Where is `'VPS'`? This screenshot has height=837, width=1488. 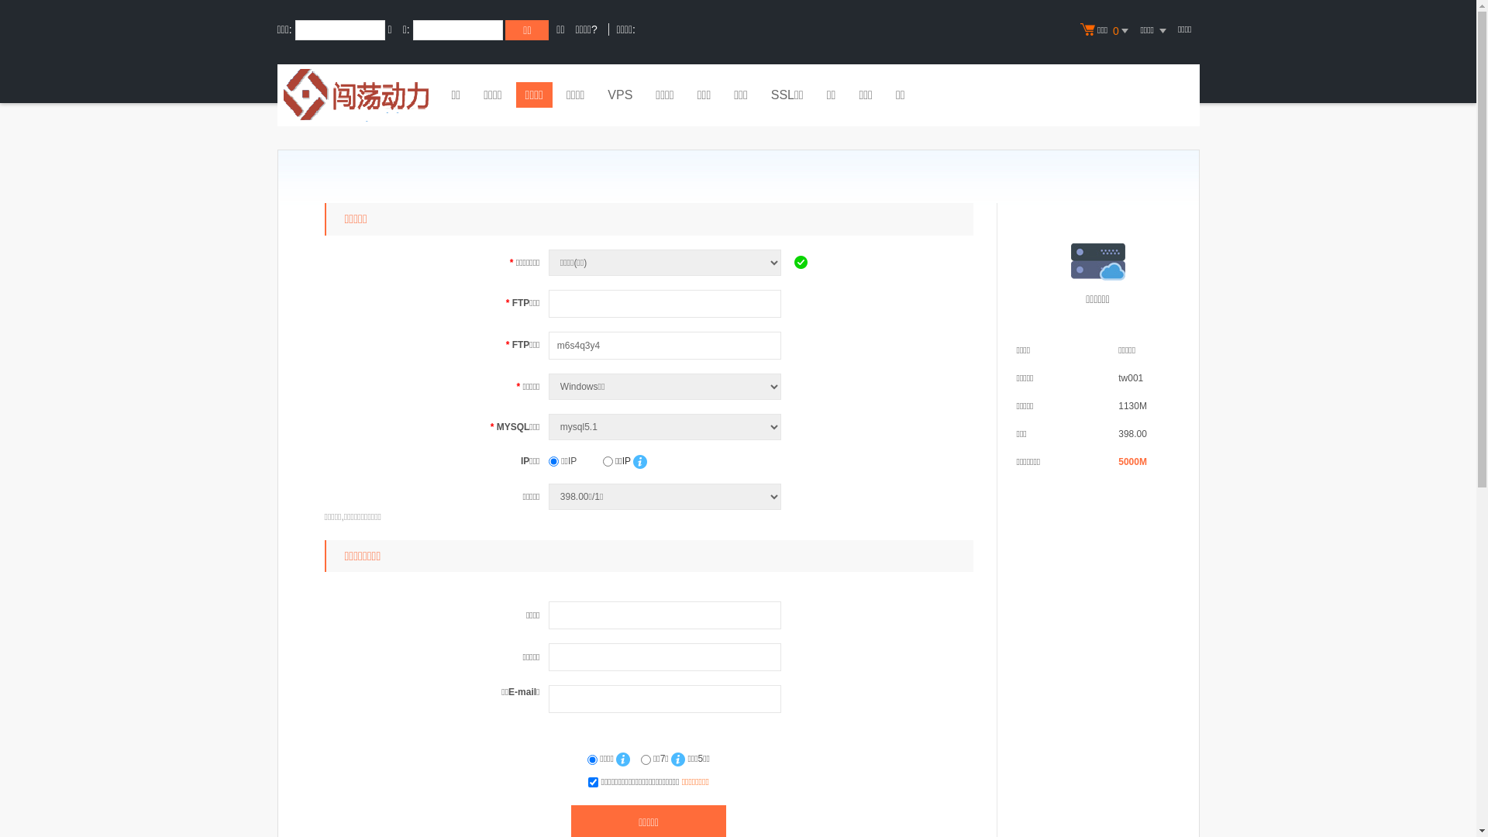
'VPS' is located at coordinates (620, 96).